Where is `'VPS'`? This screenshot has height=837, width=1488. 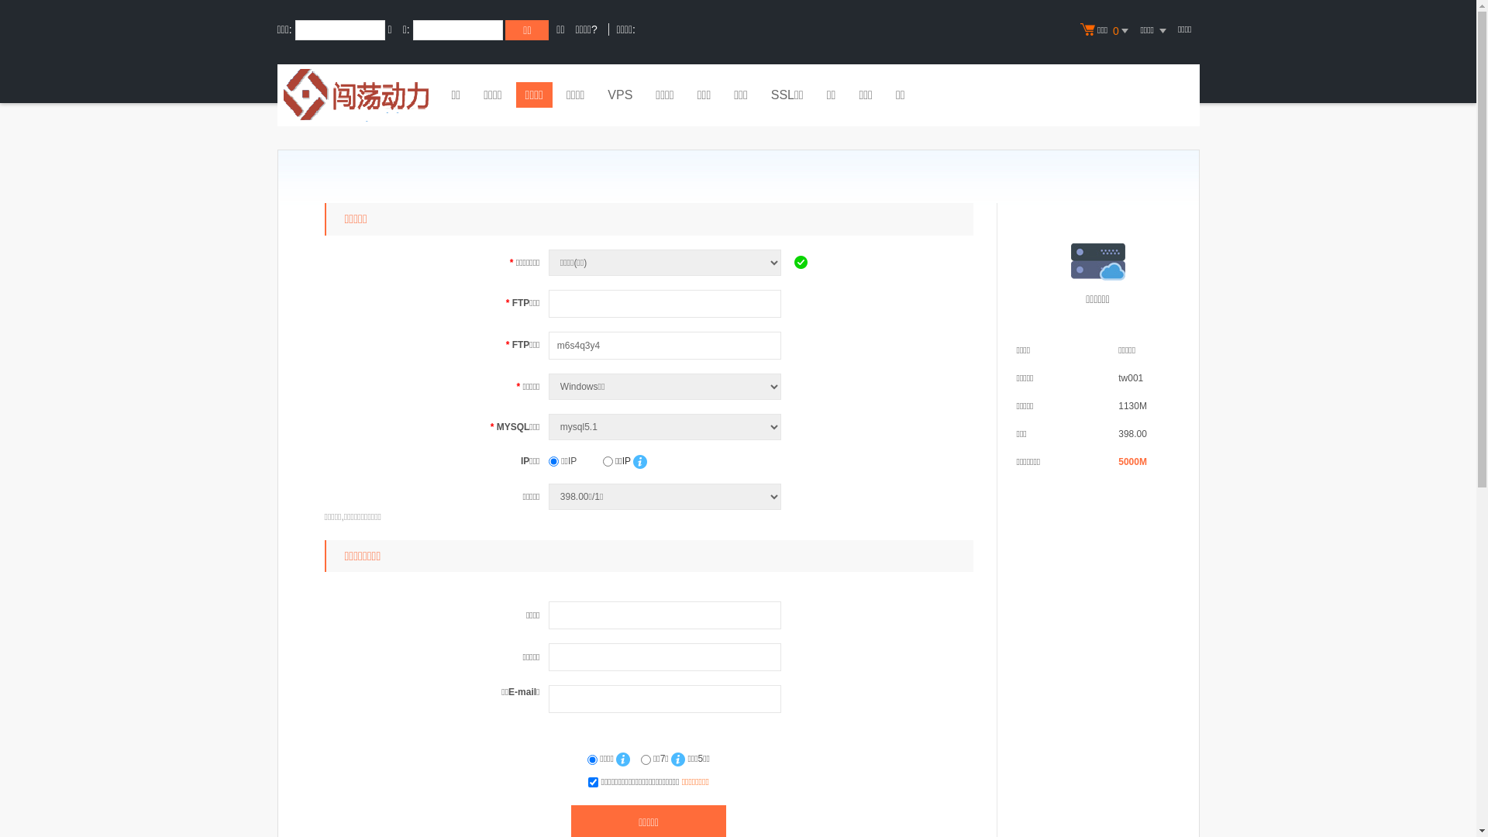
'VPS' is located at coordinates (620, 96).